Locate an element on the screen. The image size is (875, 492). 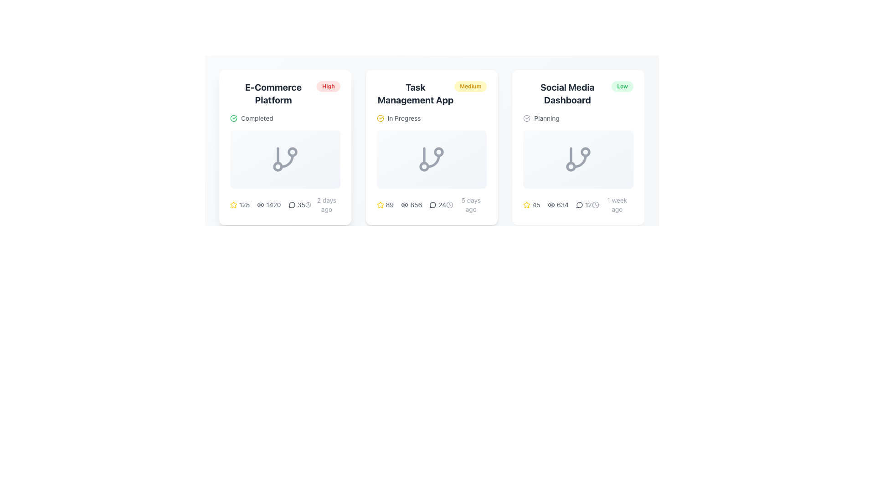
the Star Icon located at the bottom-left area of the first card, which indicates a rating or favorite feature, positioned to the left of the number '128' is located at coordinates (234, 205).